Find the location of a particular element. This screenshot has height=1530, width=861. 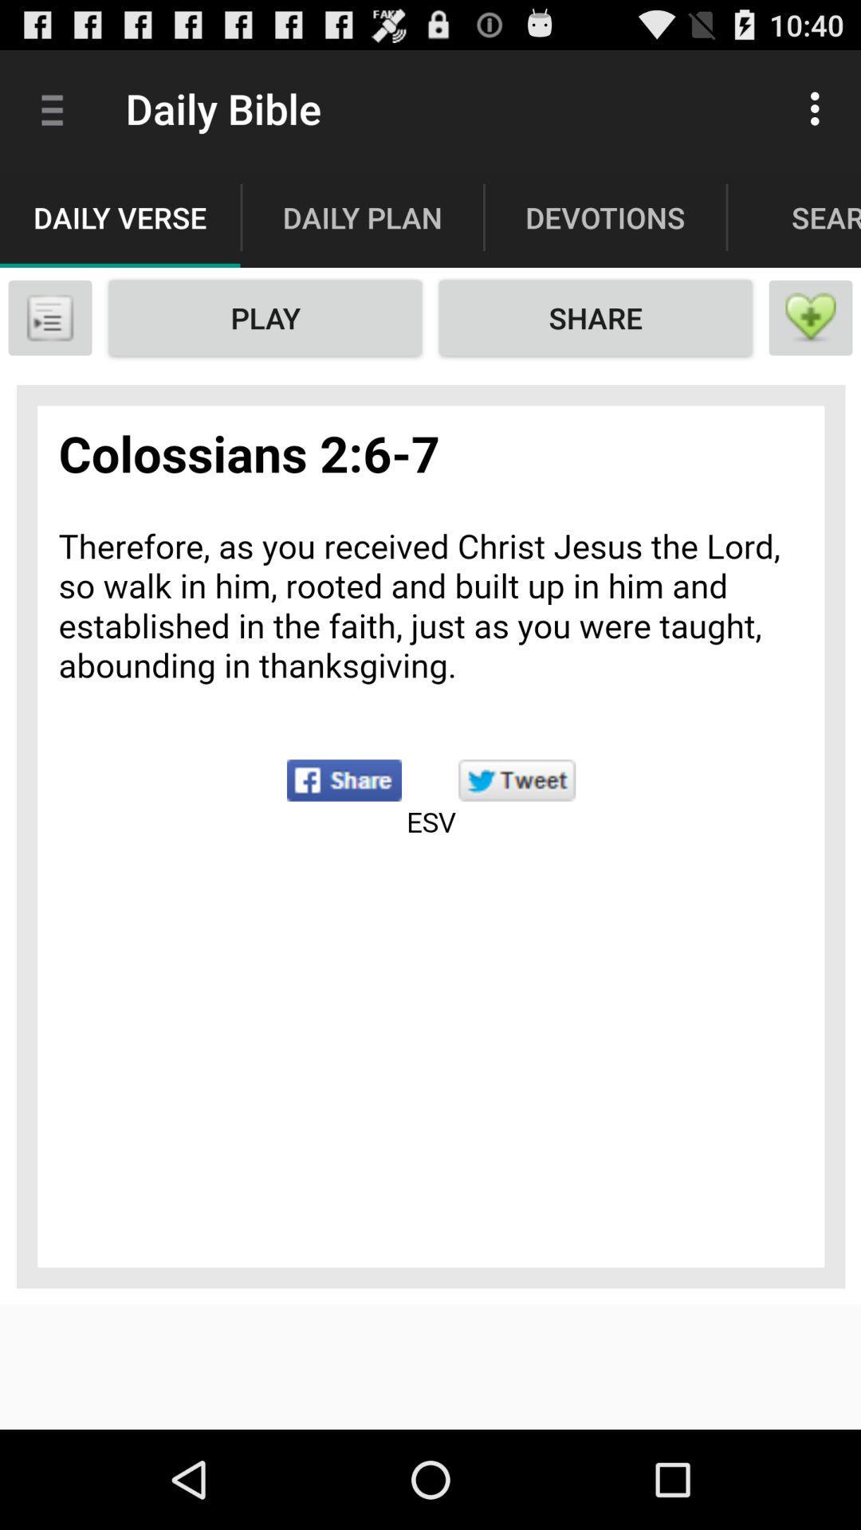

the button which is next to the daily plan is located at coordinates (605, 217).